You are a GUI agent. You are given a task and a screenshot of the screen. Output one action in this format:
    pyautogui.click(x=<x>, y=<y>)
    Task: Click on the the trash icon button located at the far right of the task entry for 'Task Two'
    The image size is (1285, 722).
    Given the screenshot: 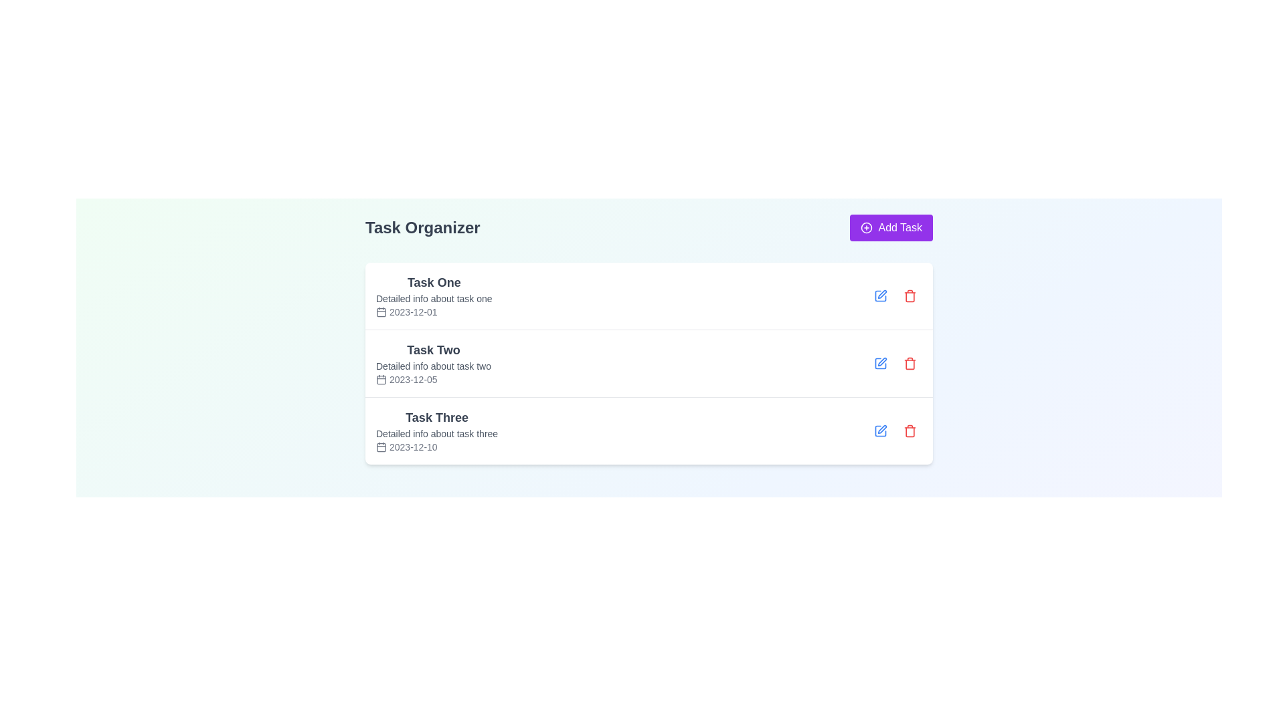 What is the action you would take?
    pyautogui.click(x=910, y=363)
    